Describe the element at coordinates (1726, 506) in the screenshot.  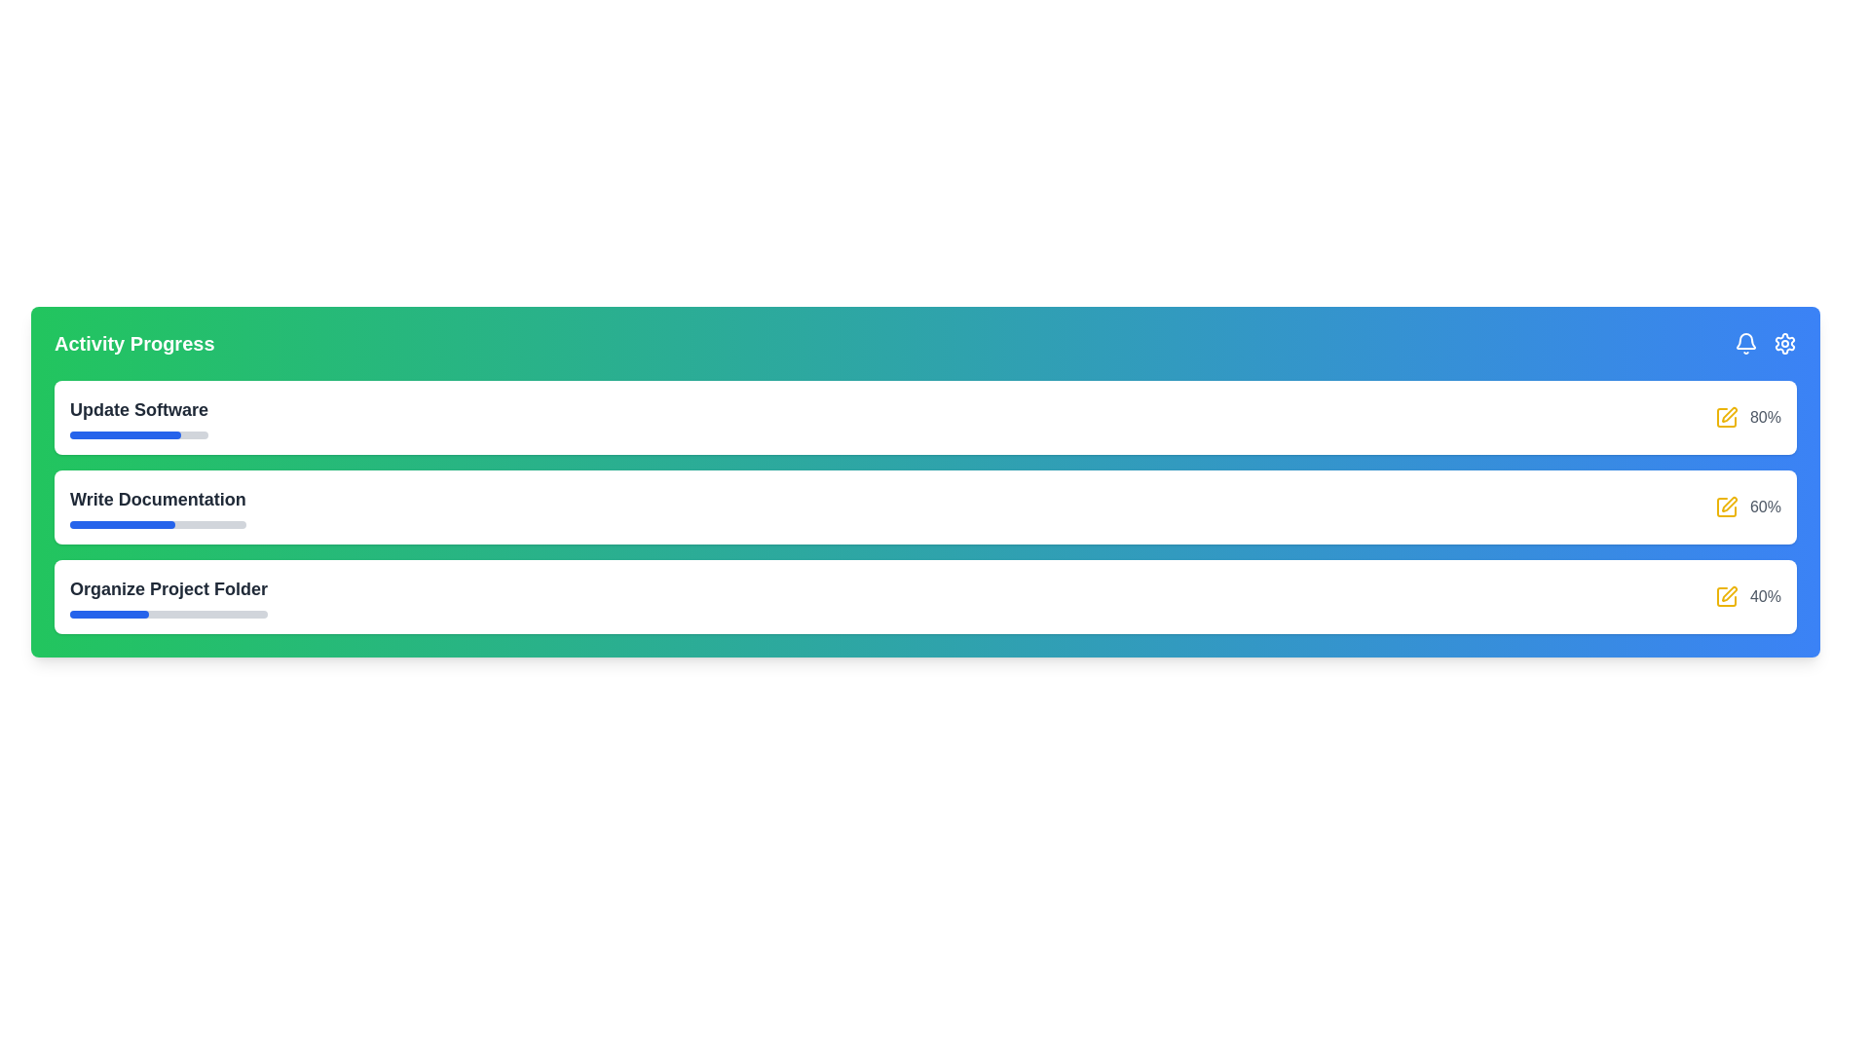
I see `the edit icon button located as the leftmost component in the second row of progress entries` at that location.